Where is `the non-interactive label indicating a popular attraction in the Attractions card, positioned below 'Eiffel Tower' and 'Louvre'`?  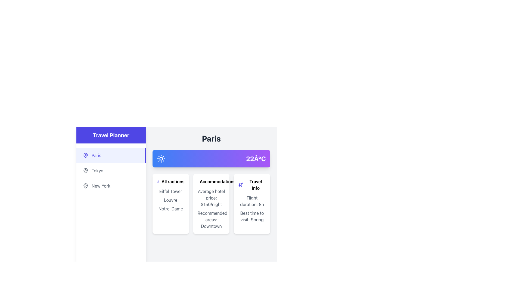
the non-interactive label indicating a popular attraction in the Attractions card, positioned below 'Eiffel Tower' and 'Louvre' is located at coordinates (170, 209).